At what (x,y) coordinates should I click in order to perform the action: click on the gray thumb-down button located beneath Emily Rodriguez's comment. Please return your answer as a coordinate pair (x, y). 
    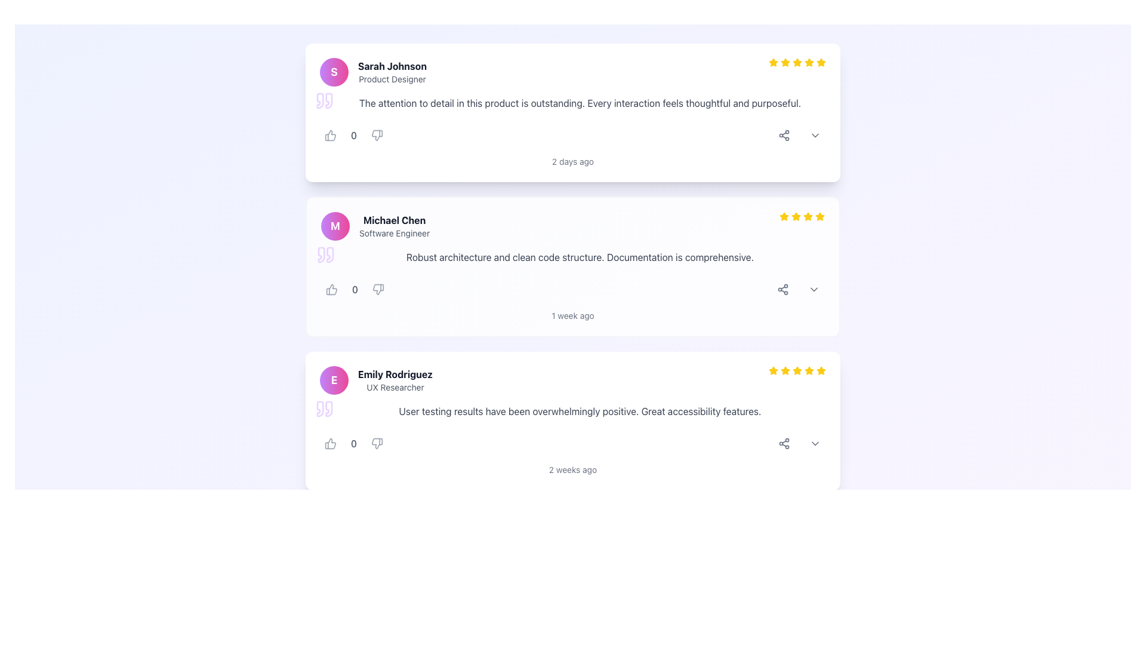
    Looking at the image, I should click on (377, 444).